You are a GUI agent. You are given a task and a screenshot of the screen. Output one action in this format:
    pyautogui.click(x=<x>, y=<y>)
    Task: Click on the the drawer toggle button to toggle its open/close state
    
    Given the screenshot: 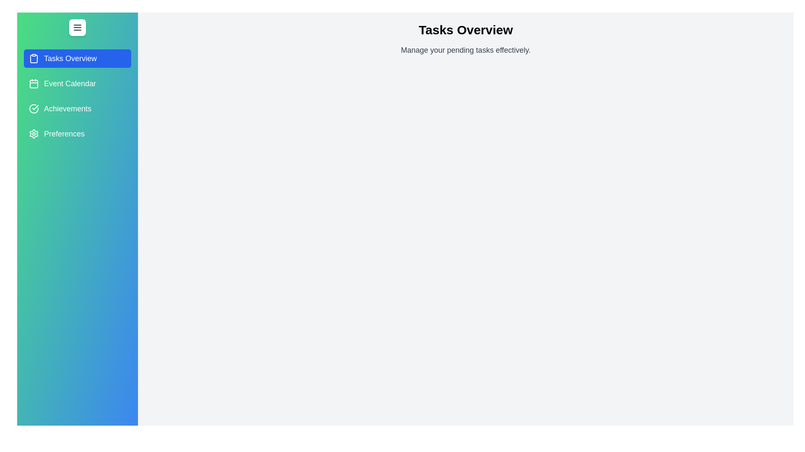 What is the action you would take?
    pyautogui.click(x=78, y=27)
    